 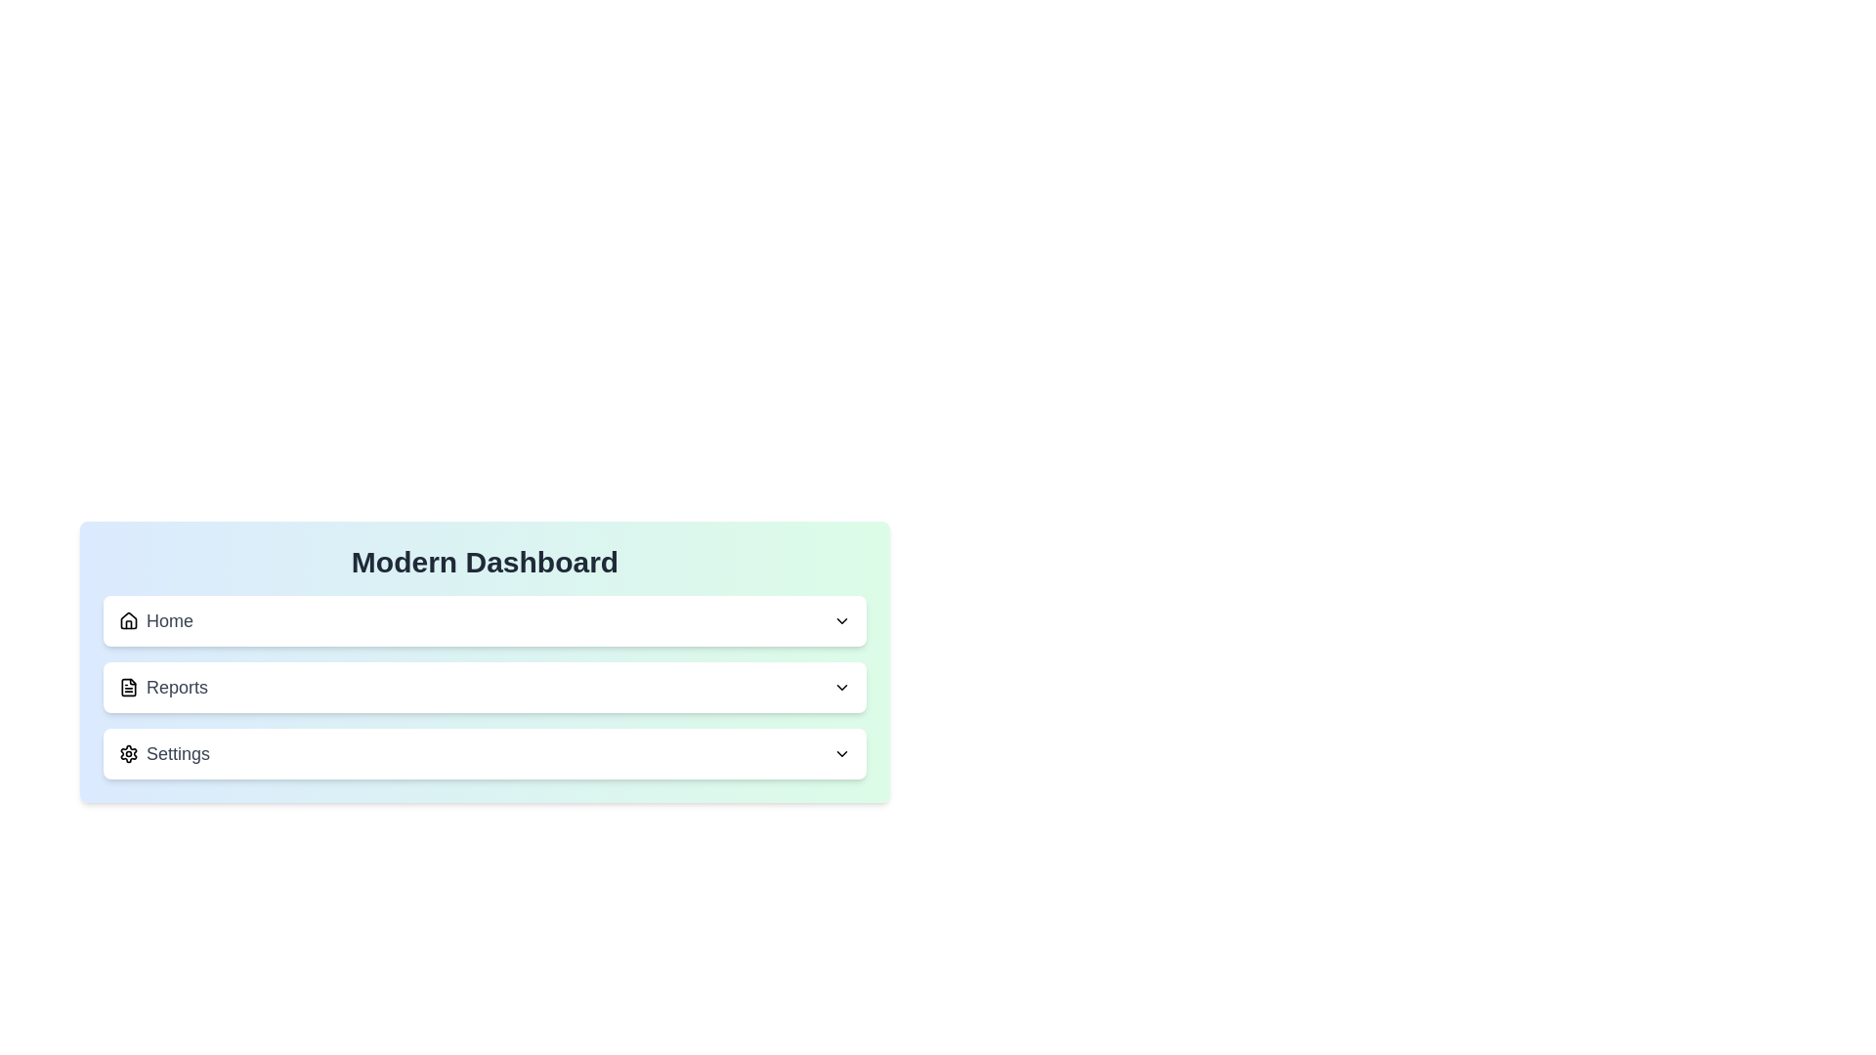 What do you see at coordinates (485, 752) in the screenshot?
I see `the 'Settings' button at the bottom of the card interface to trigger tooltip or highlight effects` at bounding box center [485, 752].